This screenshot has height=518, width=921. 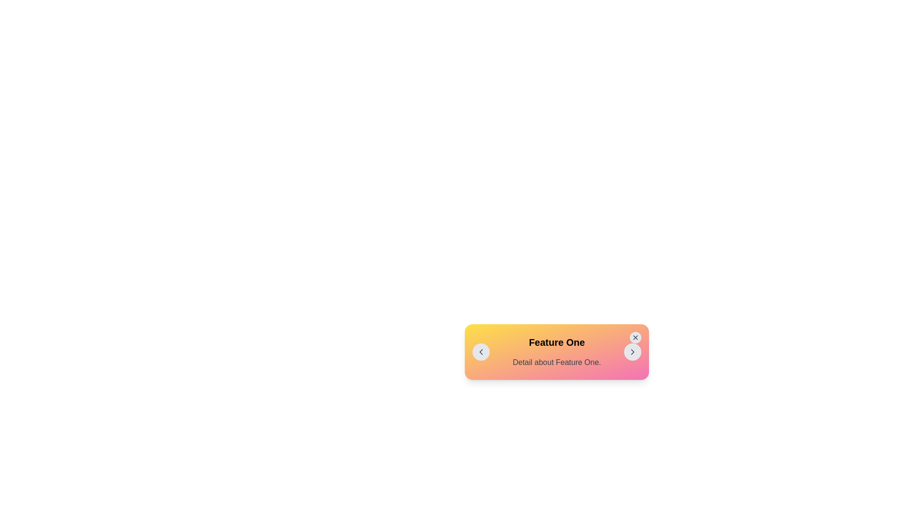 I want to click on the circular button with a light gray background and a left-pointing chevron icon to invoke the previous action, so click(x=481, y=352).